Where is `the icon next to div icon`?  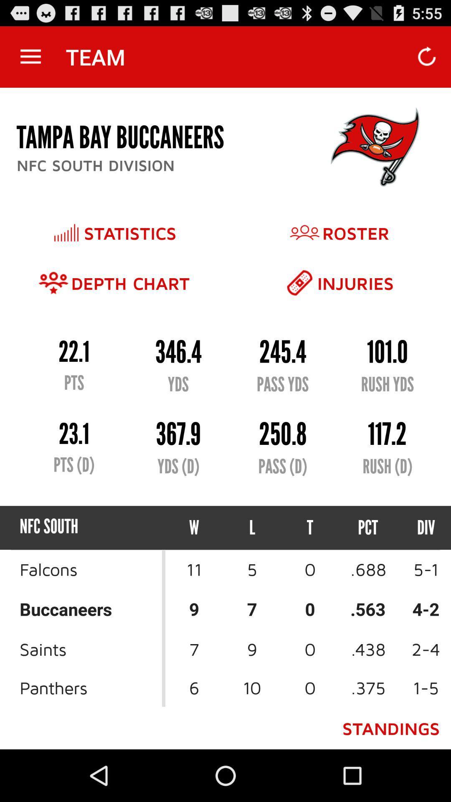 the icon next to div icon is located at coordinates (367, 527).